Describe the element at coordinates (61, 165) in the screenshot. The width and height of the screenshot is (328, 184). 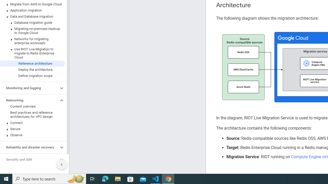
I see `'Hide side navigation'` at that location.